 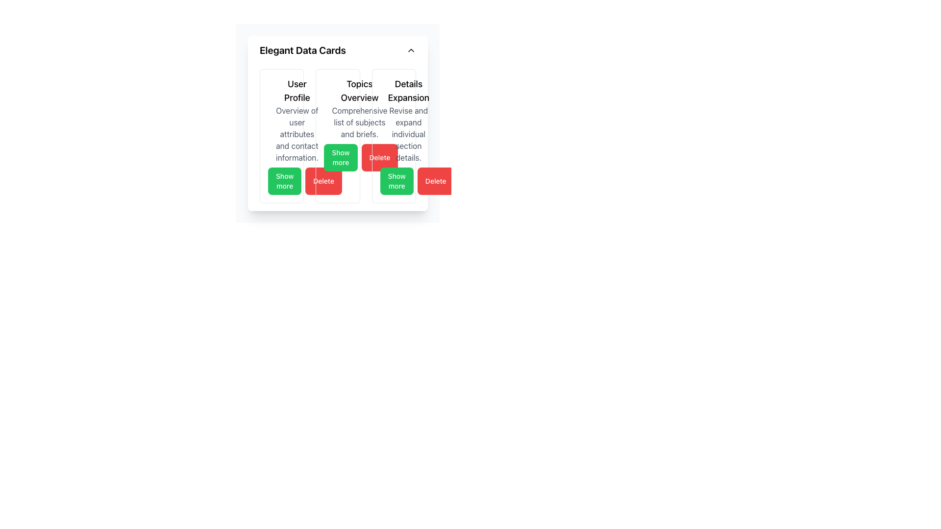 What do you see at coordinates (359, 91) in the screenshot?
I see `header text 'Topics Overview' located at the top-center of the card, which is visually bold and serves as the title for the related information` at bounding box center [359, 91].